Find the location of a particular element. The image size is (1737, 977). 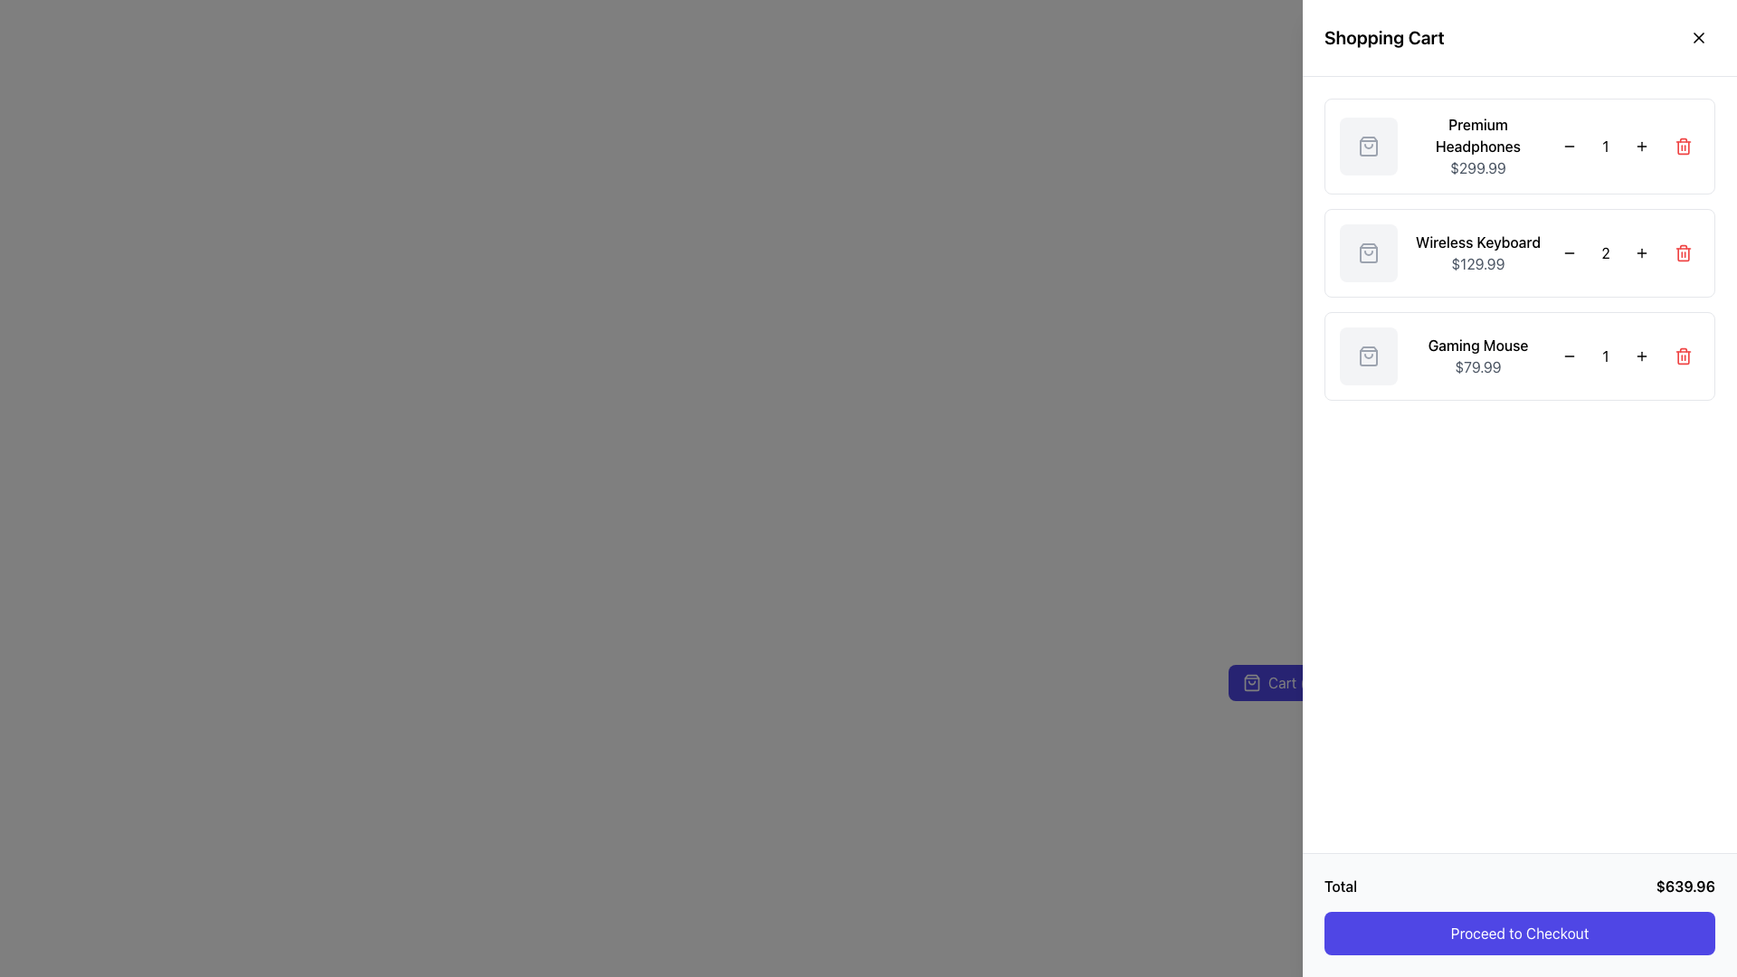

the text display showing the number '1' which is centered within the controls for the 'Premium Headphones' item in the shopping cart is located at coordinates (1606, 146).